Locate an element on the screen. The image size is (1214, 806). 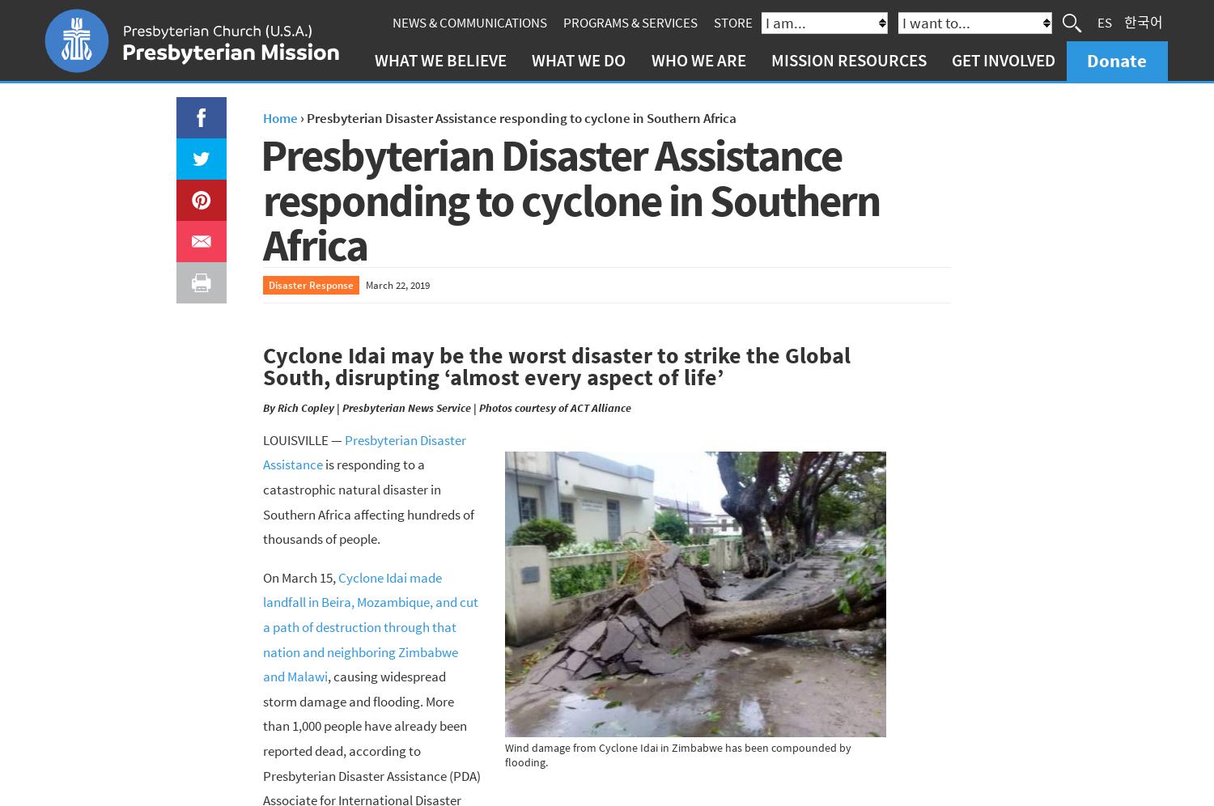
'LOUISVILLE —' is located at coordinates (303, 439).